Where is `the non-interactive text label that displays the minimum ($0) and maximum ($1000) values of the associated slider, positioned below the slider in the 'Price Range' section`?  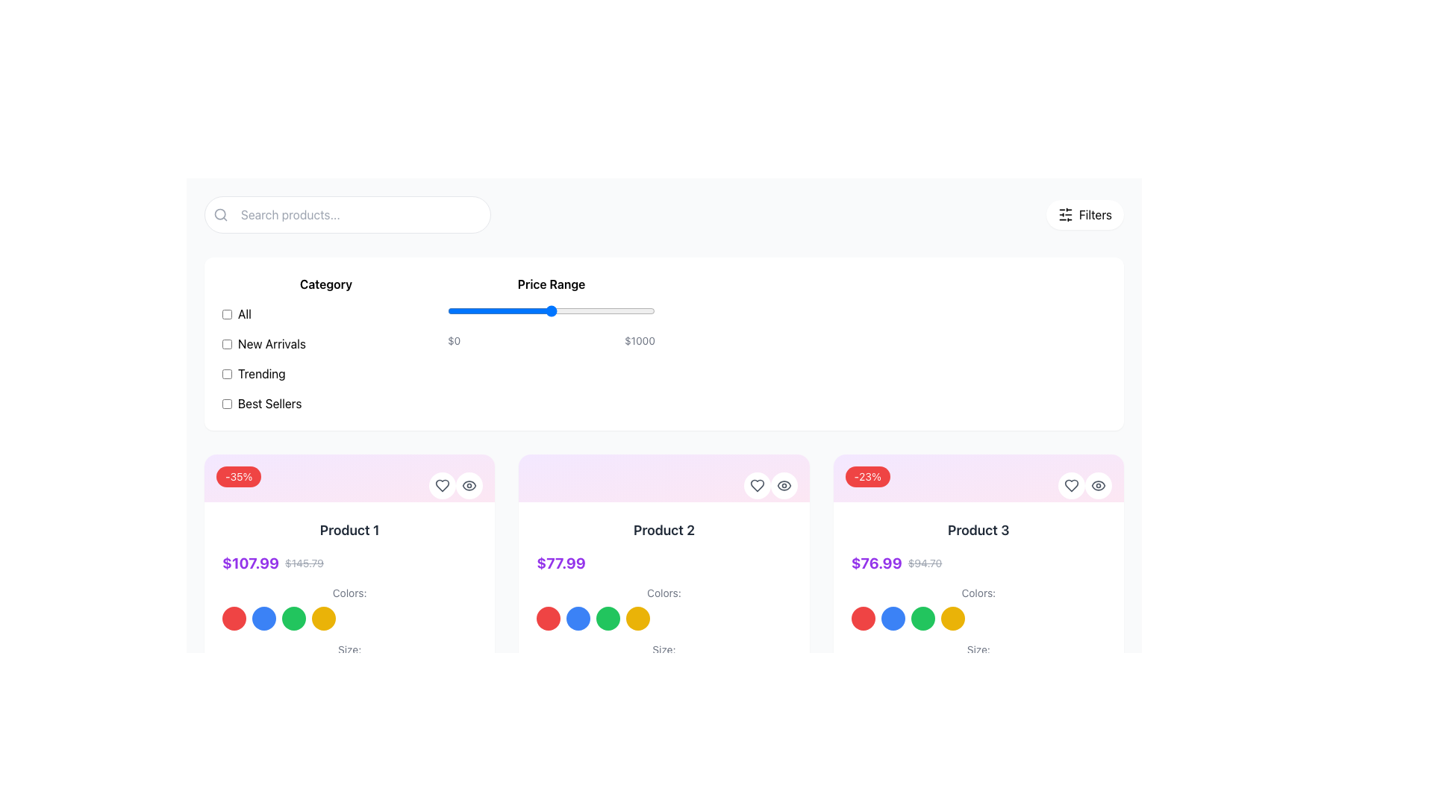
the non-interactive text label that displays the minimum ($0) and maximum ($1000) values of the associated slider, positioned below the slider in the 'Price Range' section is located at coordinates (551, 340).